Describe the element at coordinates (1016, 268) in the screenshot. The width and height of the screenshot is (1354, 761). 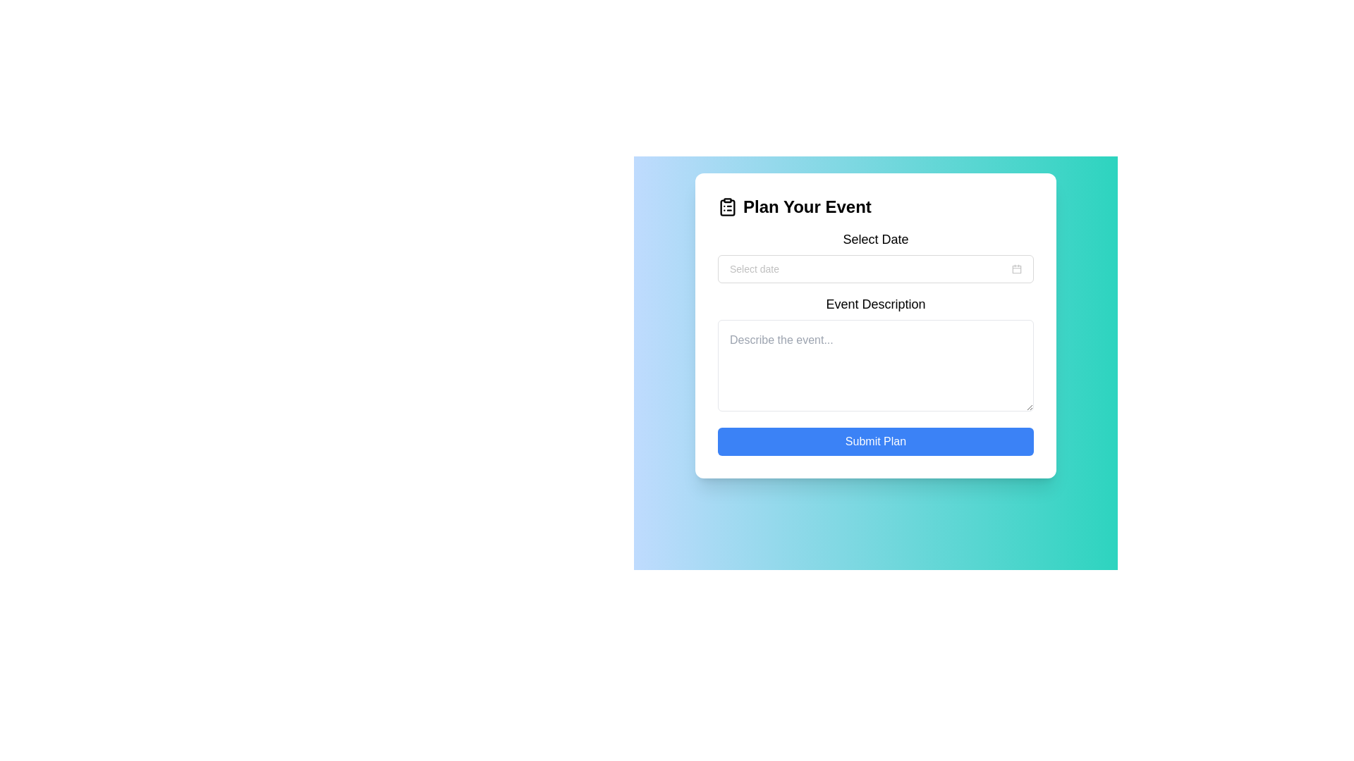
I see `the calendar selection icon located in the 'Select Date' section next to the date input field` at that location.